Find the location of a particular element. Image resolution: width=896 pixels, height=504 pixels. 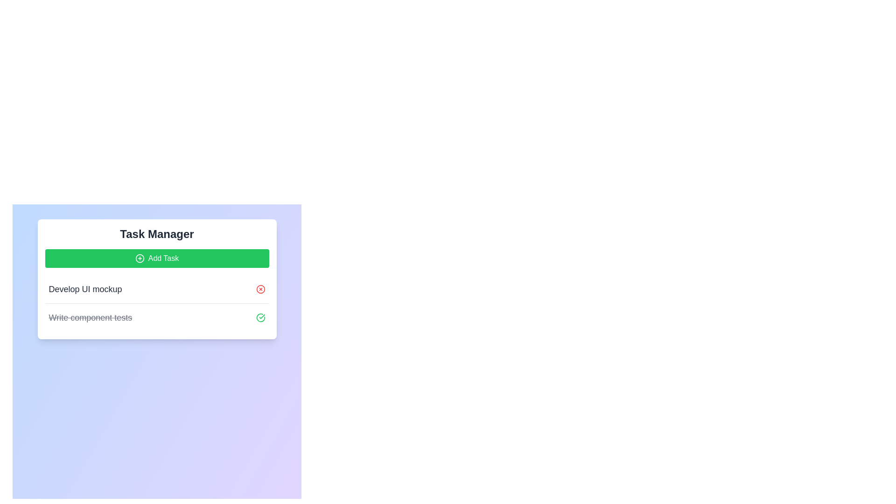

the interactive circular icon with a check mark located on the right side of the second task row titled 'Write component tests' is located at coordinates (260, 317).